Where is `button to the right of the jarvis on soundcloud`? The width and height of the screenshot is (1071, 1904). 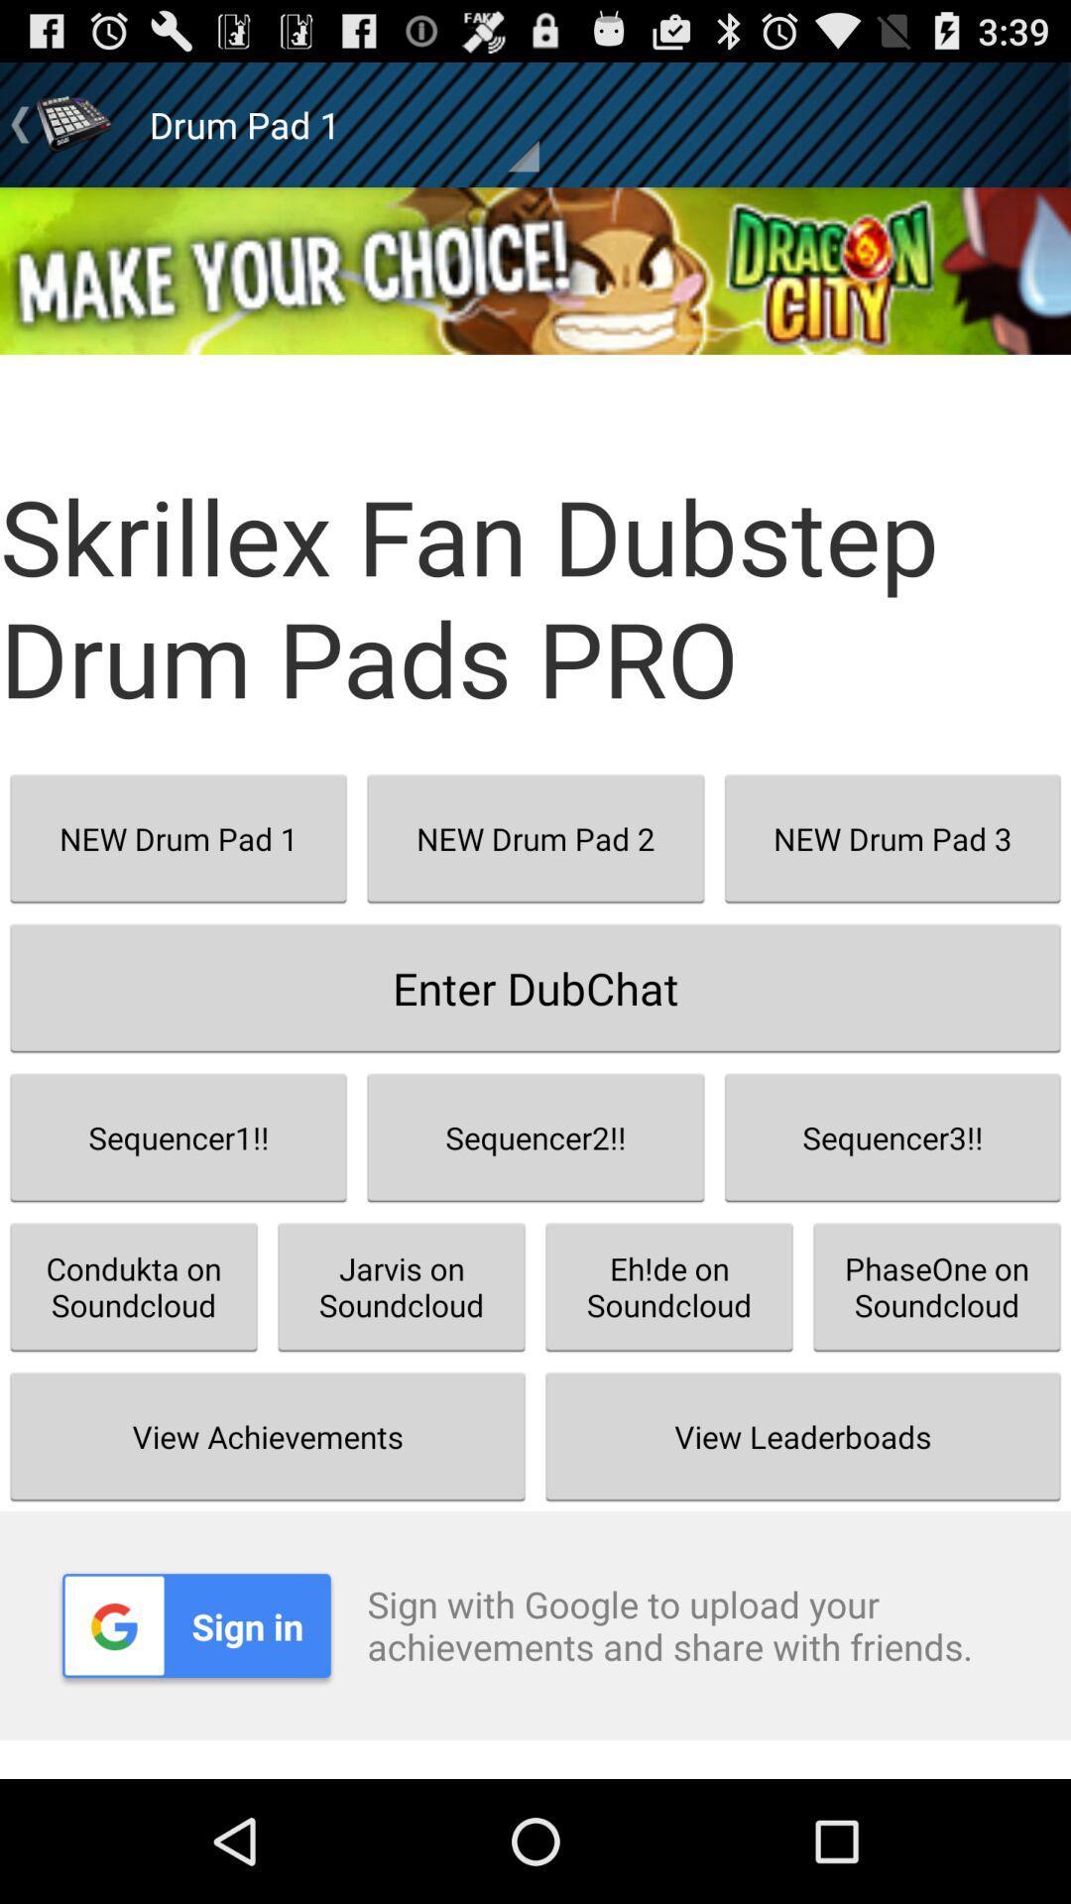
button to the right of the jarvis on soundcloud is located at coordinates (803, 1436).